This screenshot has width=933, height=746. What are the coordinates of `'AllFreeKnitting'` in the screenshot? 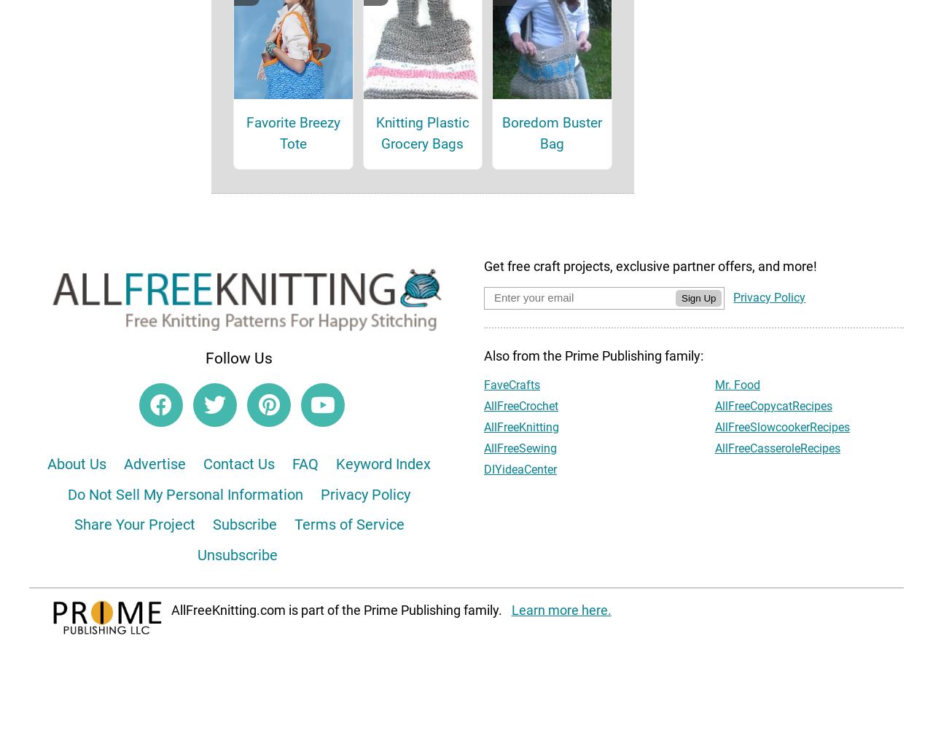 It's located at (521, 447).